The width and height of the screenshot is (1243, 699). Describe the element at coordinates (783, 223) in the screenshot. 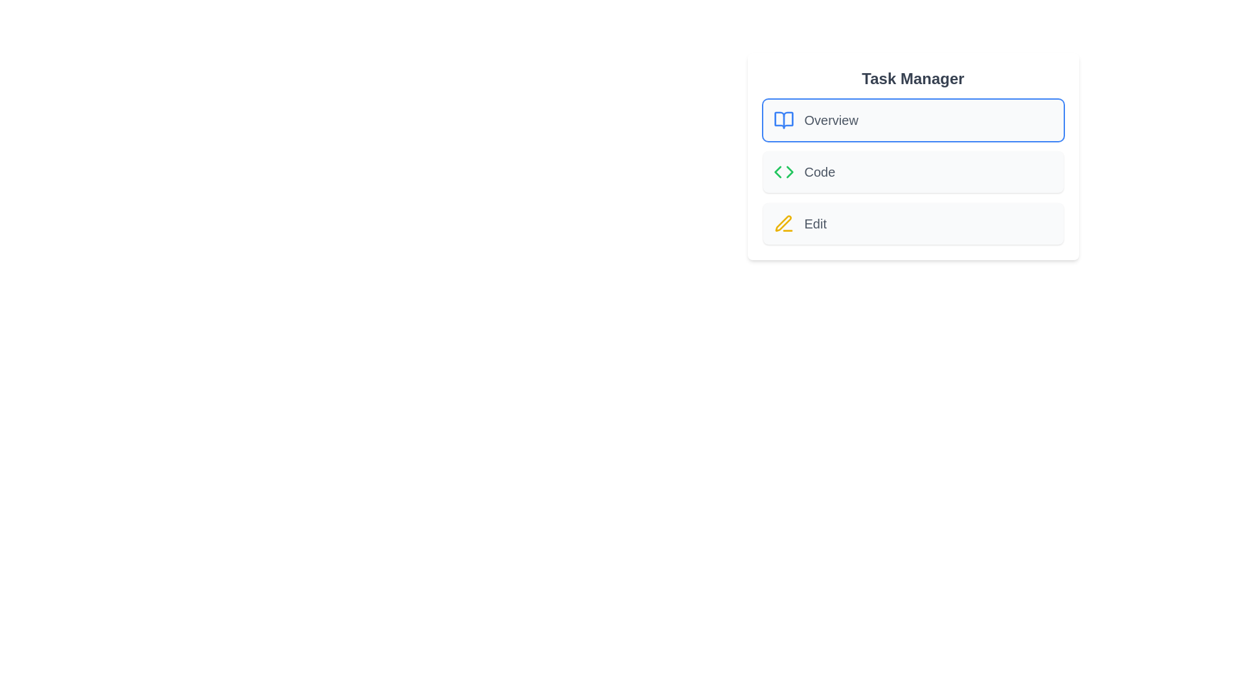

I see `the leading 'Edit' icon within the 'Edit' card, which is the third card under the 'Task Manager' heading` at that location.